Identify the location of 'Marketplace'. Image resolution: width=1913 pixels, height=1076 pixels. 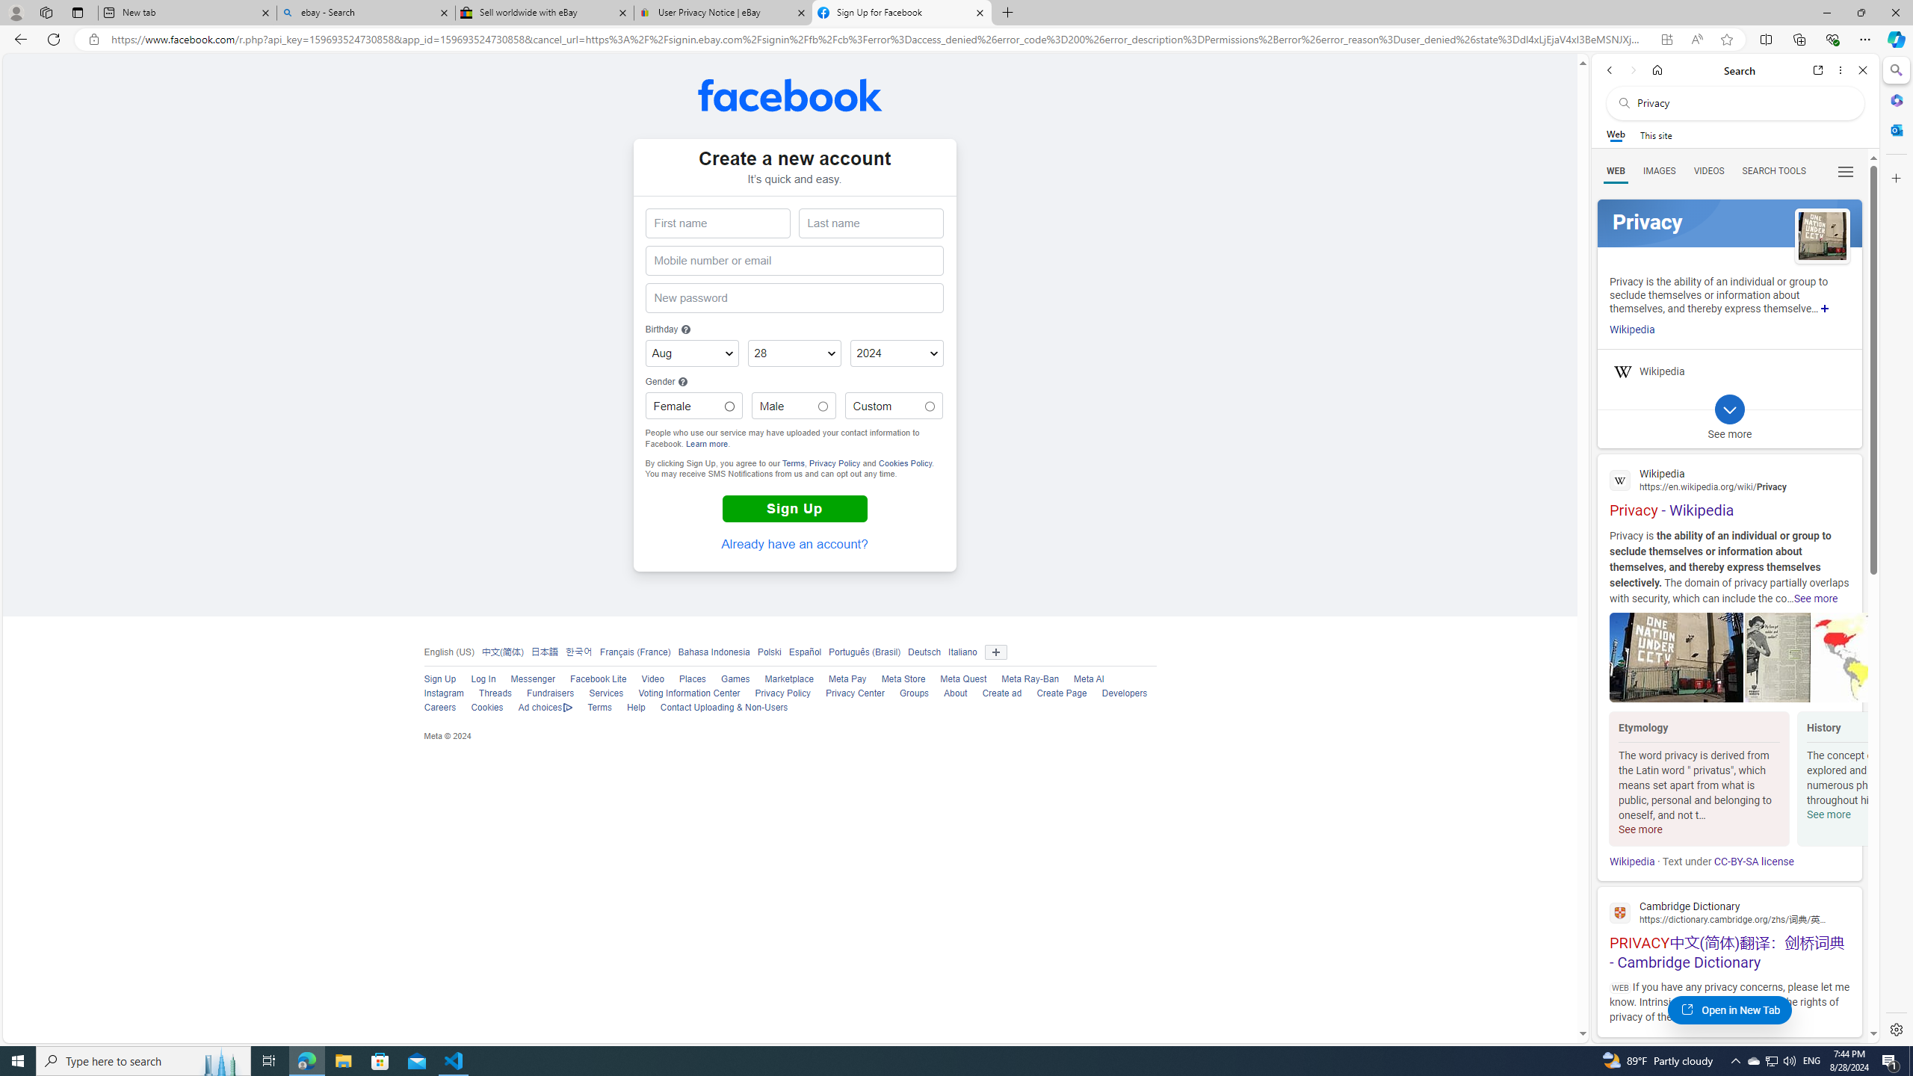
(780, 679).